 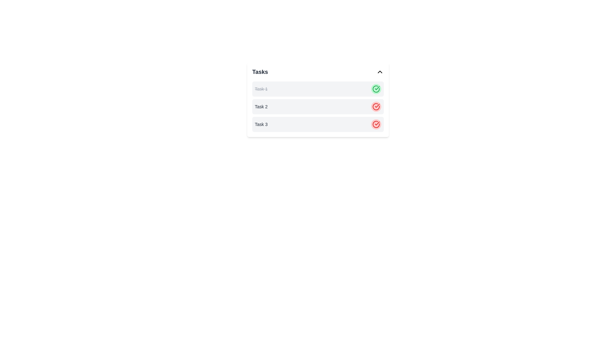 What do you see at coordinates (376, 89) in the screenshot?
I see `the circular icon with a green check mark inside, which is located in the 'Tasks' list next to 'Task 1'` at bounding box center [376, 89].